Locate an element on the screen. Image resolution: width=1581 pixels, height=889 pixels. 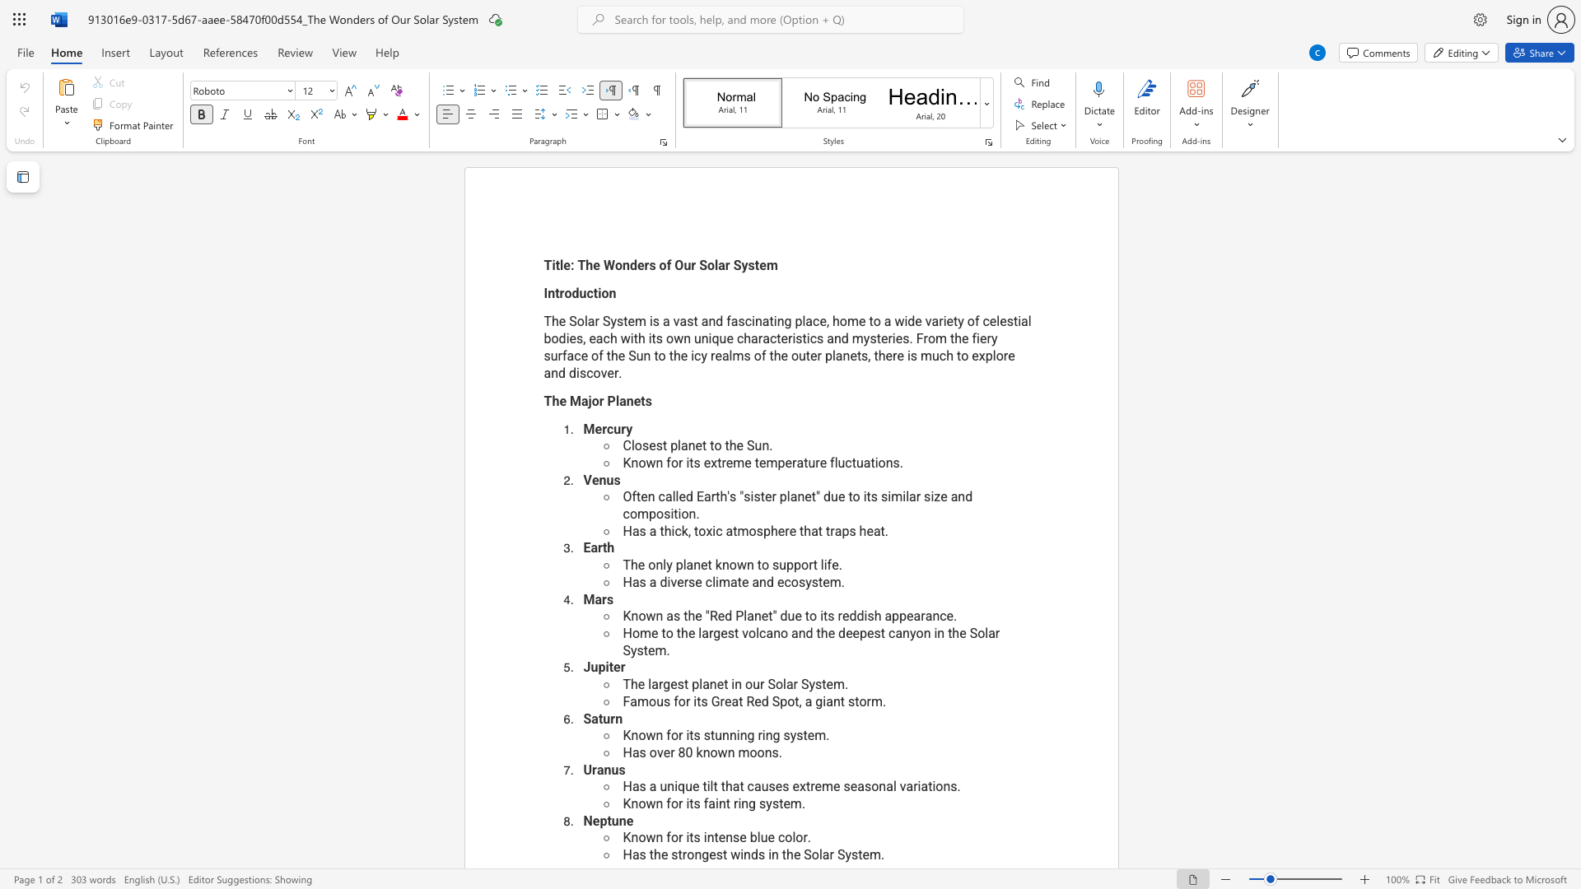
the subset text "and the deepest canyon in the Solar Syste" within the text "Home to the largest volcano and the deepest canyon in the Solar System." is located at coordinates (791, 632).